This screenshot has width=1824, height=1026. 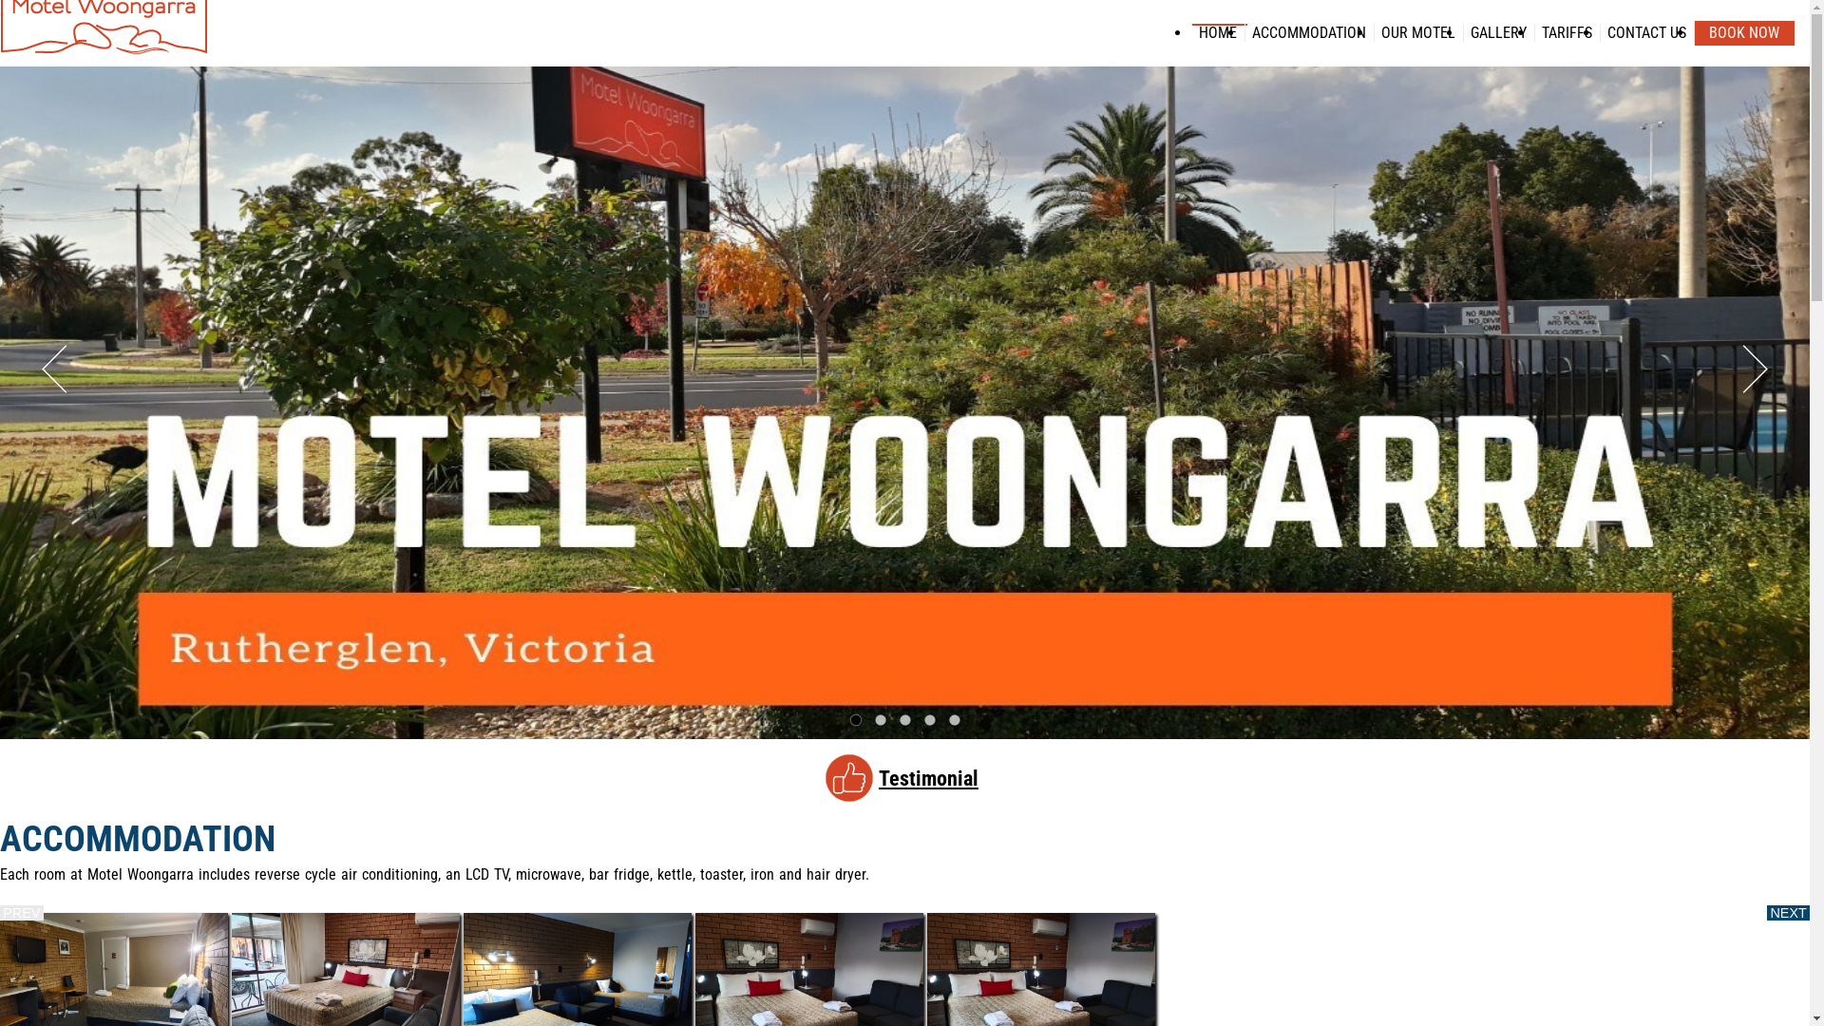 What do you see at coordinates (928, 777) in the screenshot?
I see `'Testimonial'` at bounding box center [928, 777].